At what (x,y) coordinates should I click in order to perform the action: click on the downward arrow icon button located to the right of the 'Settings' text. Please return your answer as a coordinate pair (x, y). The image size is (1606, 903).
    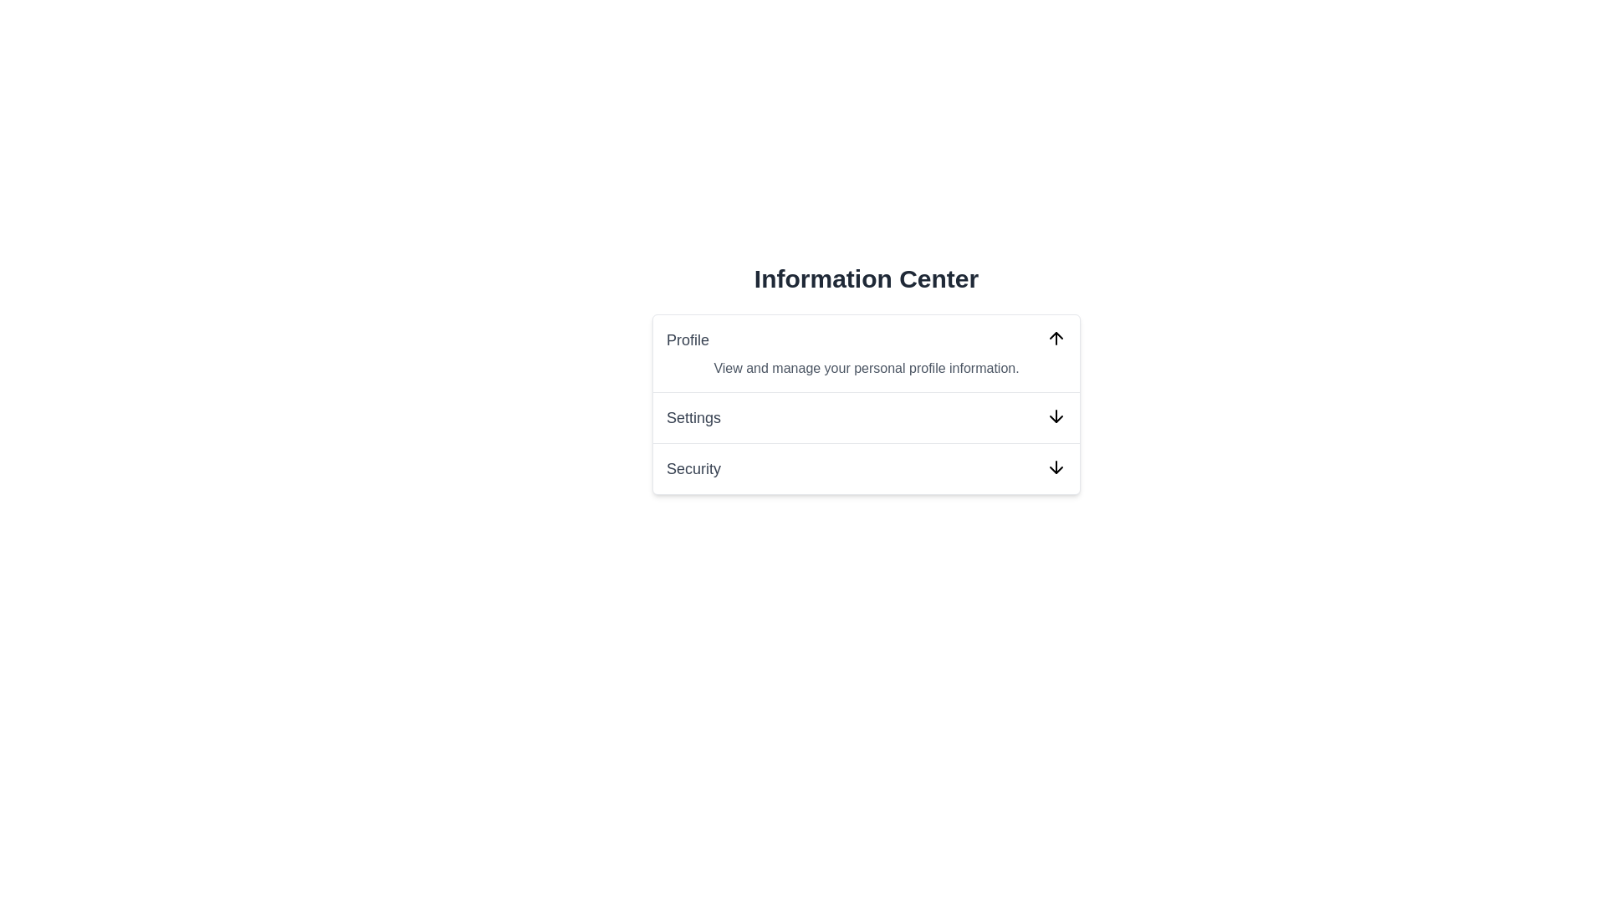
    Looking at the image, I should click on (1055, 415).